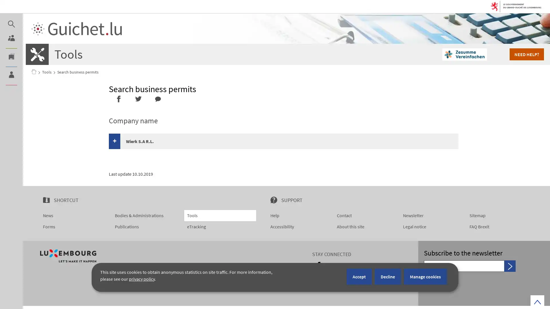  Describe the element at coordinates (138, 98) in the screenshot. I see `Share it on Twitter - new window` at that location.